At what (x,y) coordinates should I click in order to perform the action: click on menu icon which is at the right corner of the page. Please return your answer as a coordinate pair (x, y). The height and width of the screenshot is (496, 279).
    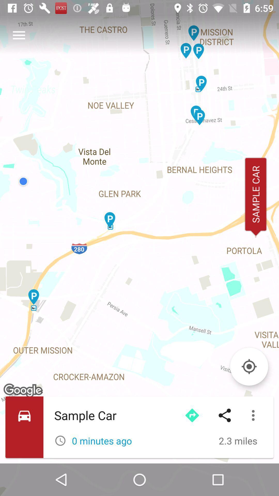
    Looking at the image, I should click on (254, 415).